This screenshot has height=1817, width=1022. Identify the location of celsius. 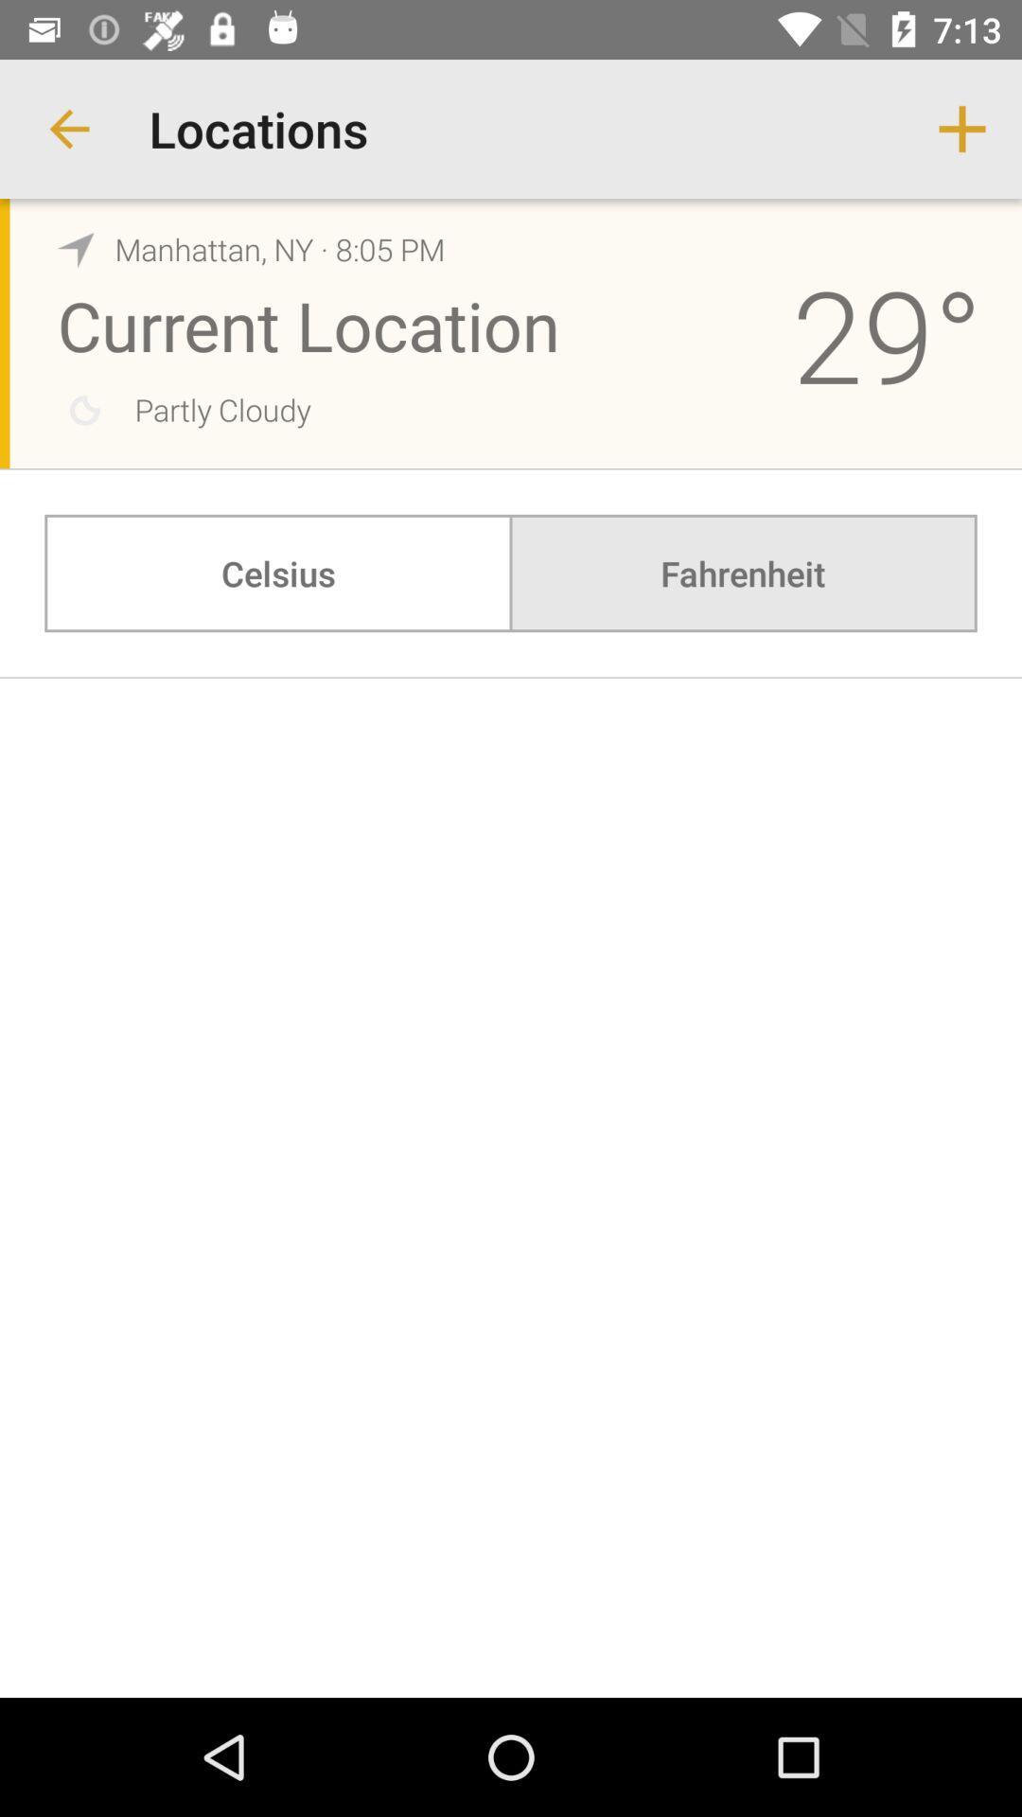
(278, 572).